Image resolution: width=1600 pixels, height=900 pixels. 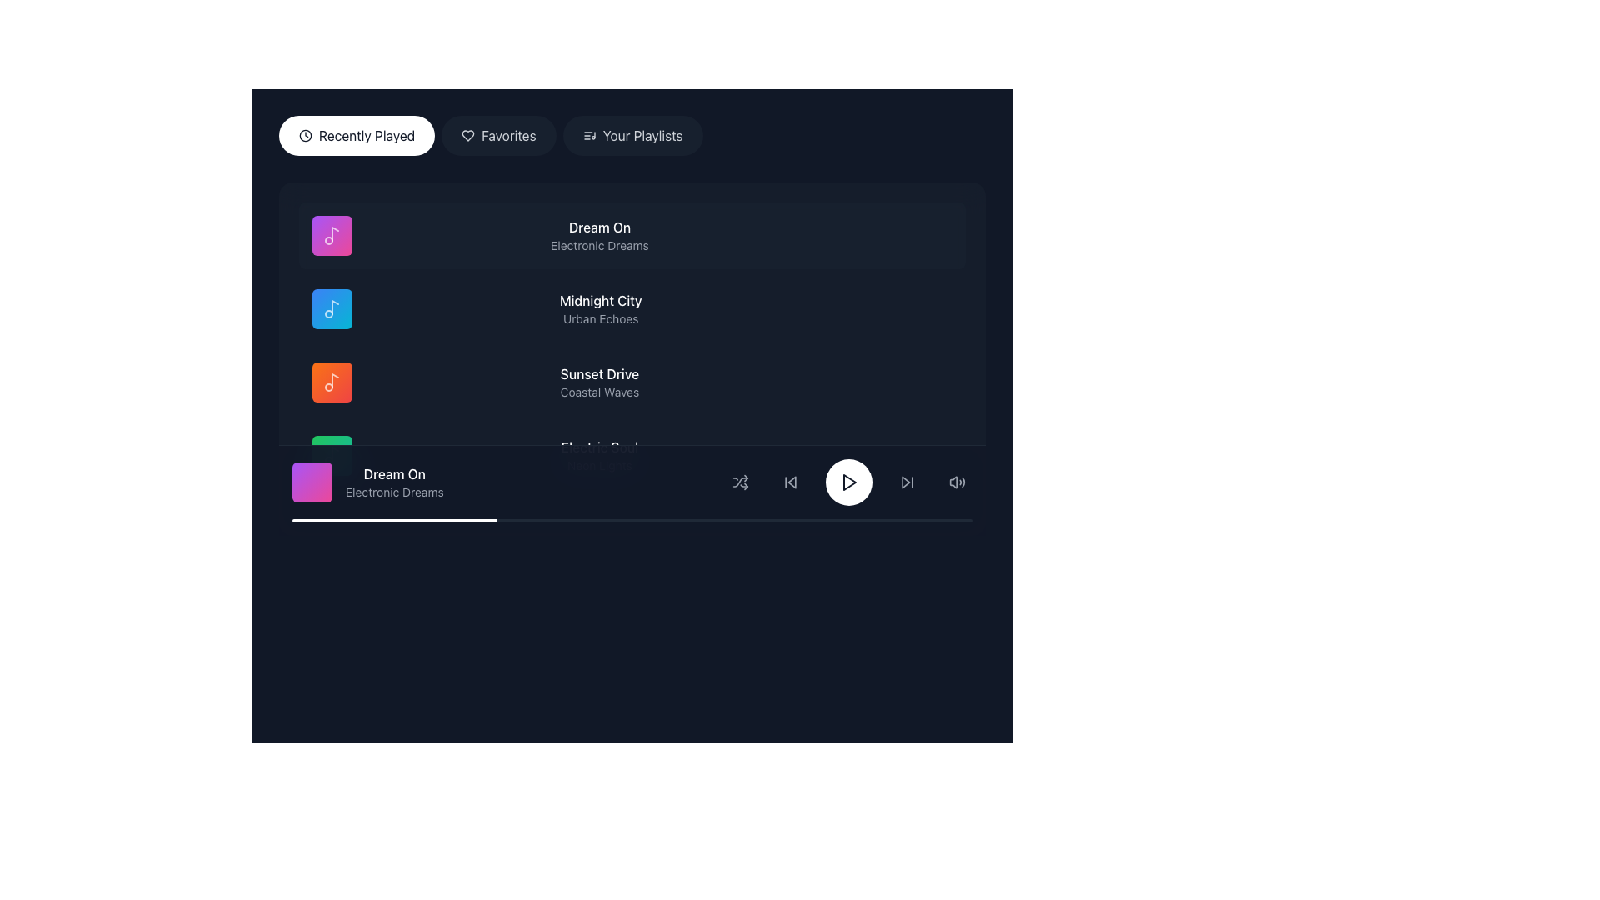 What do you see at coordinates (393, 474) in the screenshot?
I see `the 'Dream On' text label, which is displayed in a white font and is part of a music playlist item` at bounding box center [393, 474].